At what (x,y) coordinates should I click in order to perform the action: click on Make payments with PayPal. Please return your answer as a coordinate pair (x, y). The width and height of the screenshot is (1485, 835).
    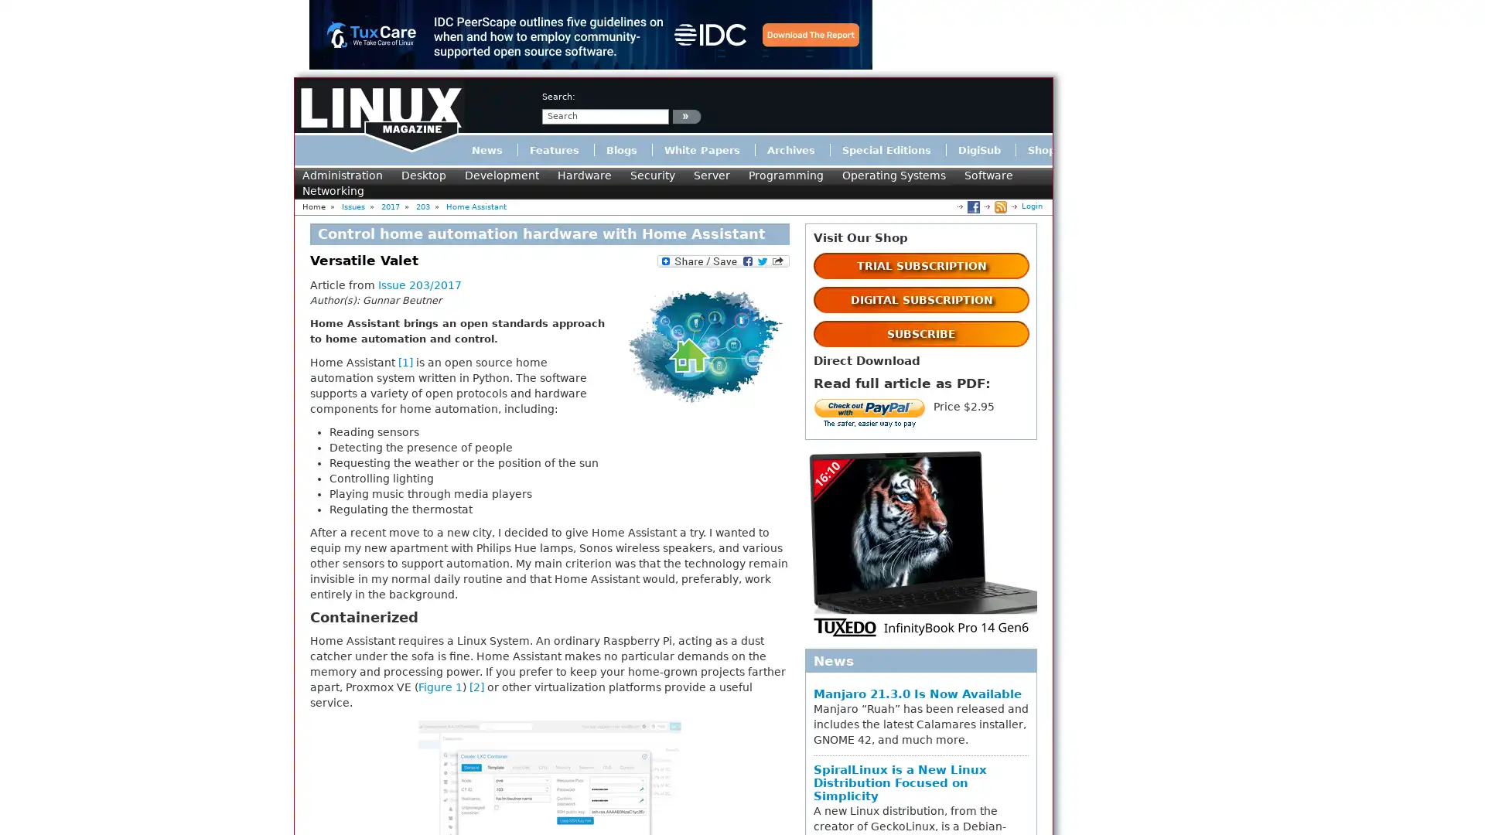
    Looking at the image, I should click on (869, 414).